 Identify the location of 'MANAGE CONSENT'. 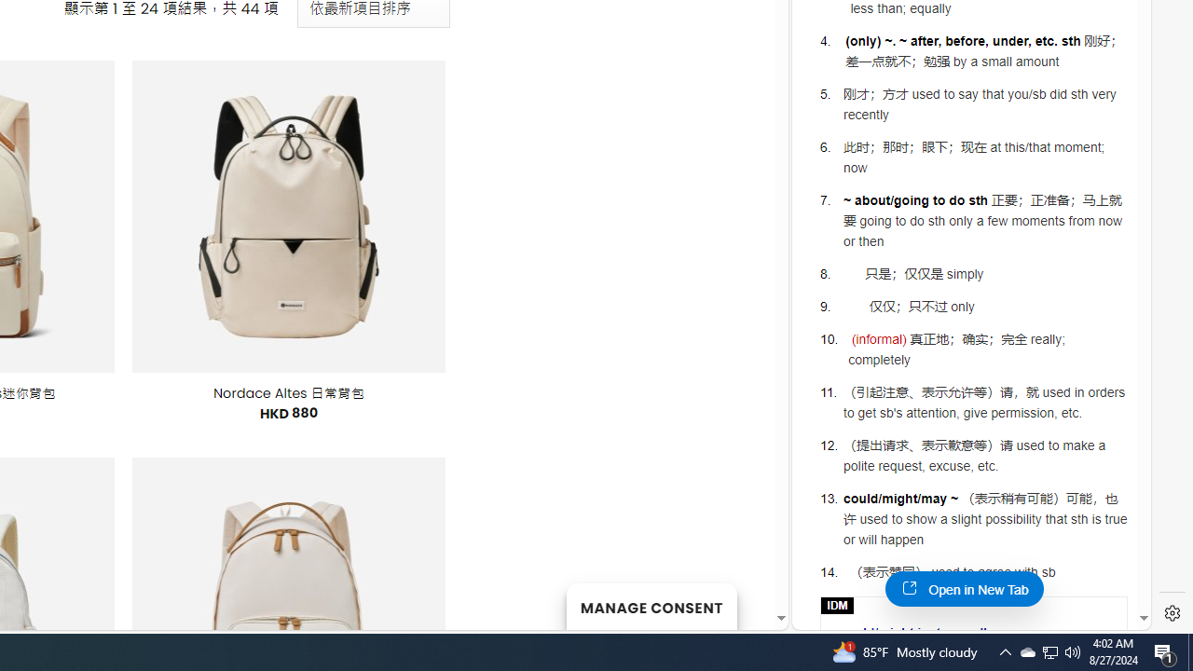
(651, 606).